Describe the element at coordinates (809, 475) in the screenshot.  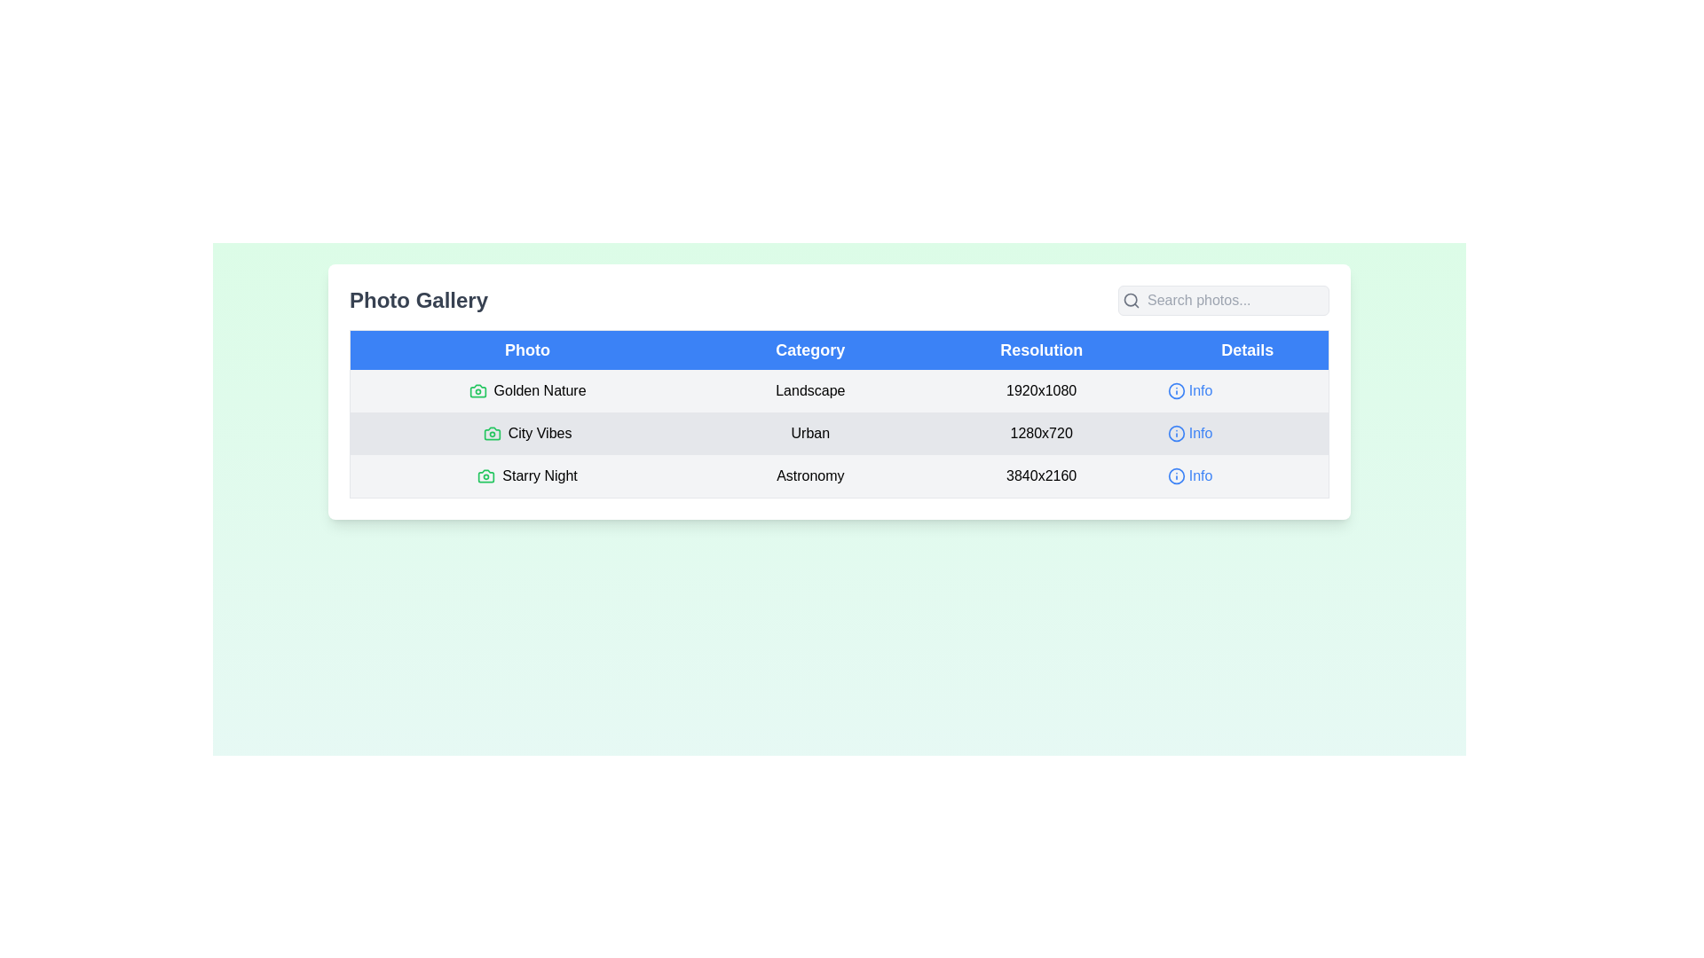
I see `text label in the second column of the third row that categorizes 'Starry Night' as 'Astronomy'` at that location.